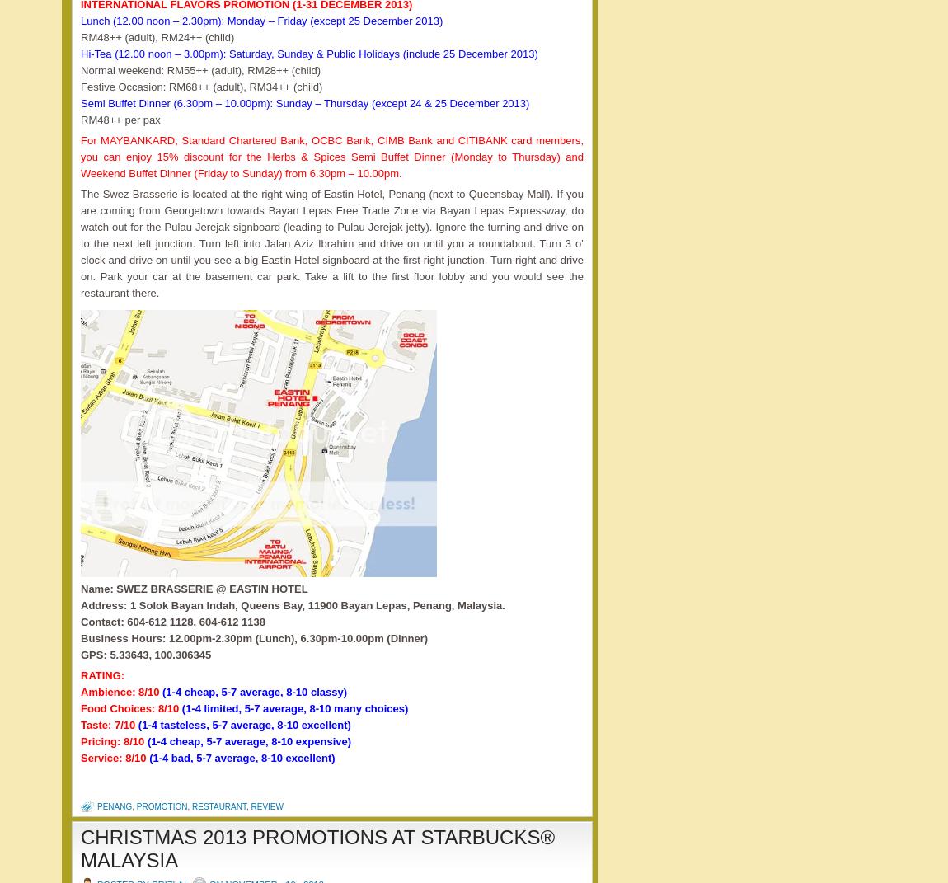 This screenshot has height=883, width=948. I want to click on 'RATING:', so click(79, 674).